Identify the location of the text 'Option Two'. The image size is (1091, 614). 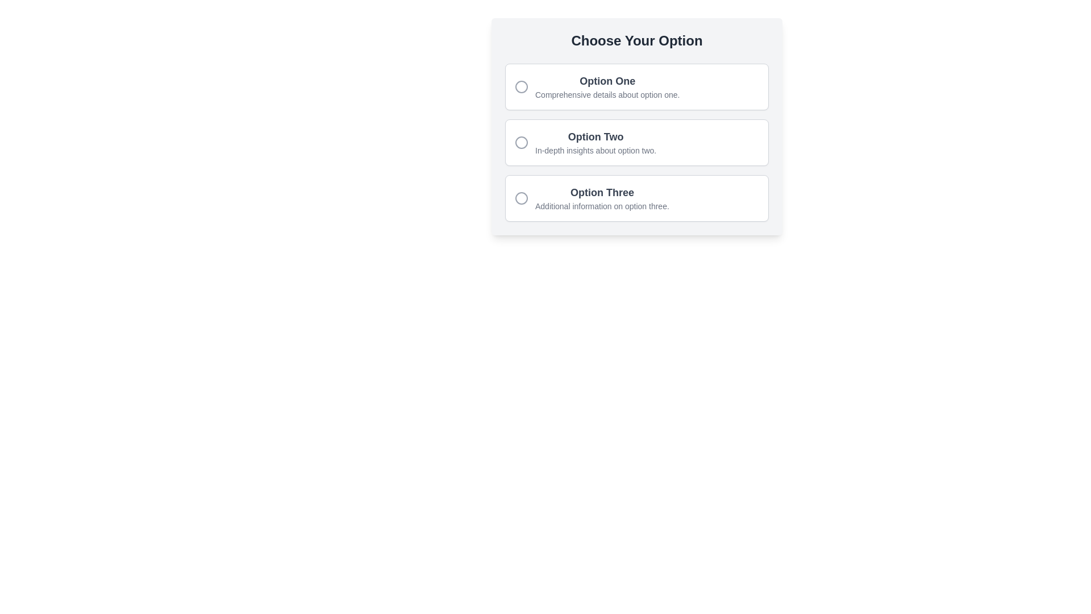
(637, 142).